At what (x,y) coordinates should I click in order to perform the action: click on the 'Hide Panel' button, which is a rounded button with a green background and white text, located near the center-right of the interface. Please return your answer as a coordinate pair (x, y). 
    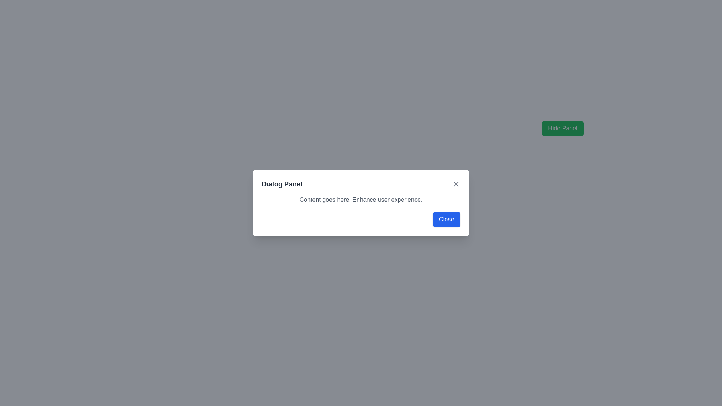
    Looking at the image, I should click on (563, 128).